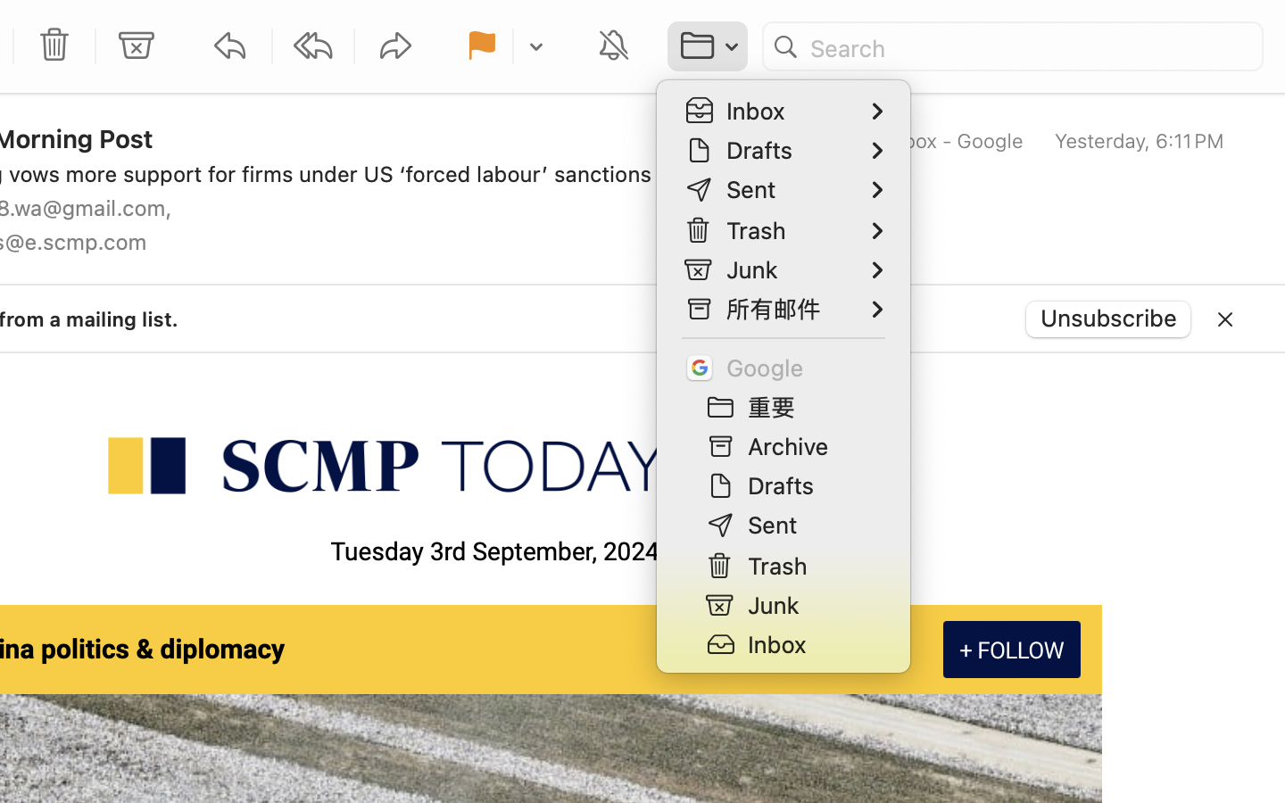  What do you see at coordinates (935, 141) in the screenshot?
I see `'￼Inbox - Google'` at bounding box center [935, 141].